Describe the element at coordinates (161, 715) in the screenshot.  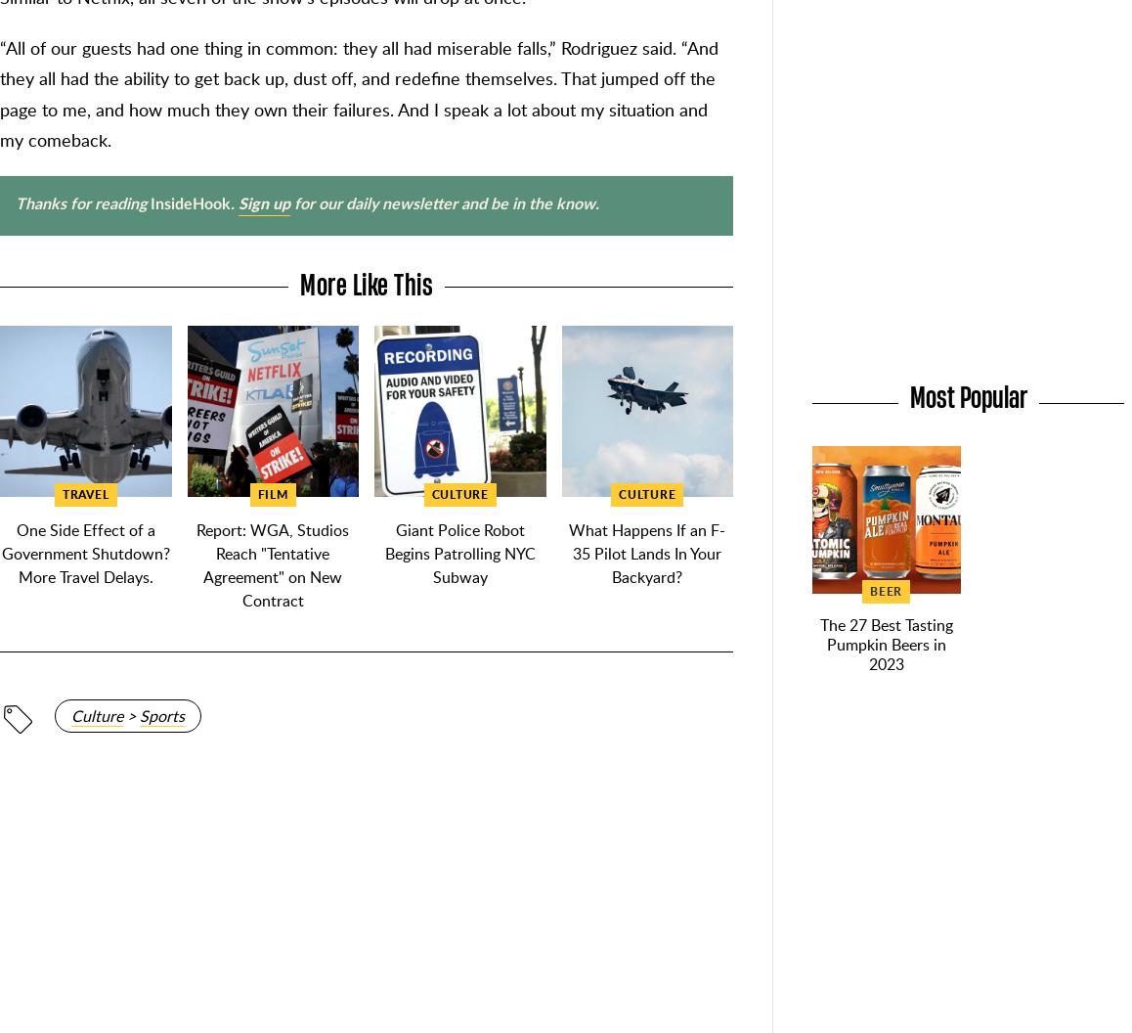
I see `'Sports'` at that location.